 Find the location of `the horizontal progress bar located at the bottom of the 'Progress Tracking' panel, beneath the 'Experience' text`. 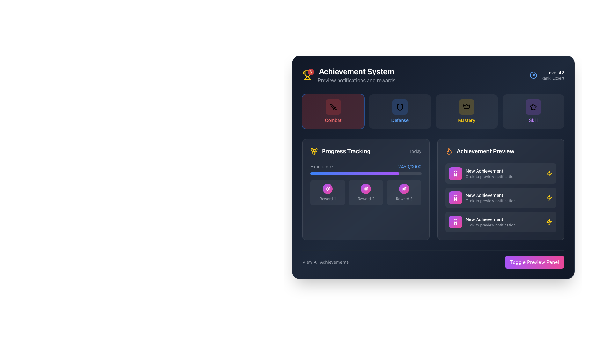

the horizontal progress bar located at the bottom of the 'Progress Tracking' panel, beneath the 'Experience' text is located at coordinates (366, 173).